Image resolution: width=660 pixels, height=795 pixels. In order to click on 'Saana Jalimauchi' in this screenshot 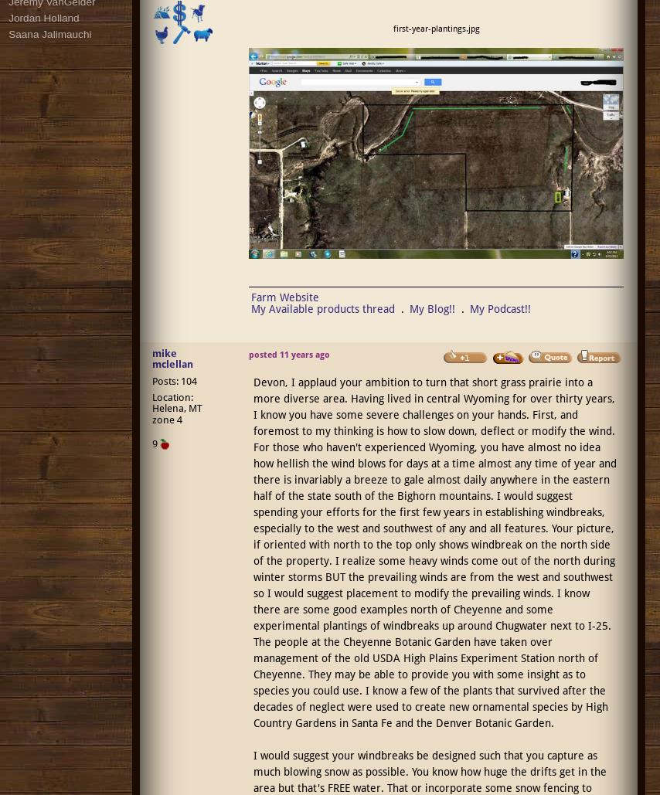, I will do `click(49, 33)`.